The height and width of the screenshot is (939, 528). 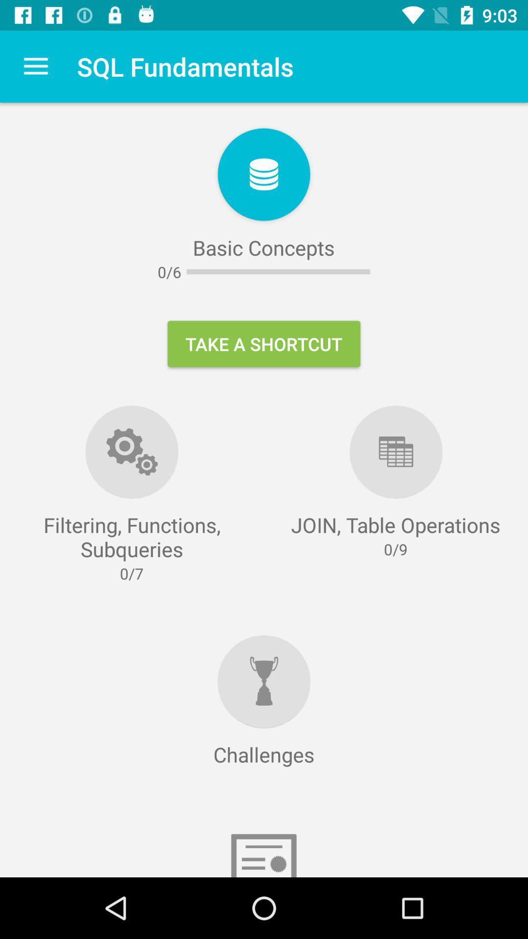 What do you see at coordinates (35, 66) in the screenshot?
I see `the item next to sql fundamentals item` at bounding box center [35, 66].